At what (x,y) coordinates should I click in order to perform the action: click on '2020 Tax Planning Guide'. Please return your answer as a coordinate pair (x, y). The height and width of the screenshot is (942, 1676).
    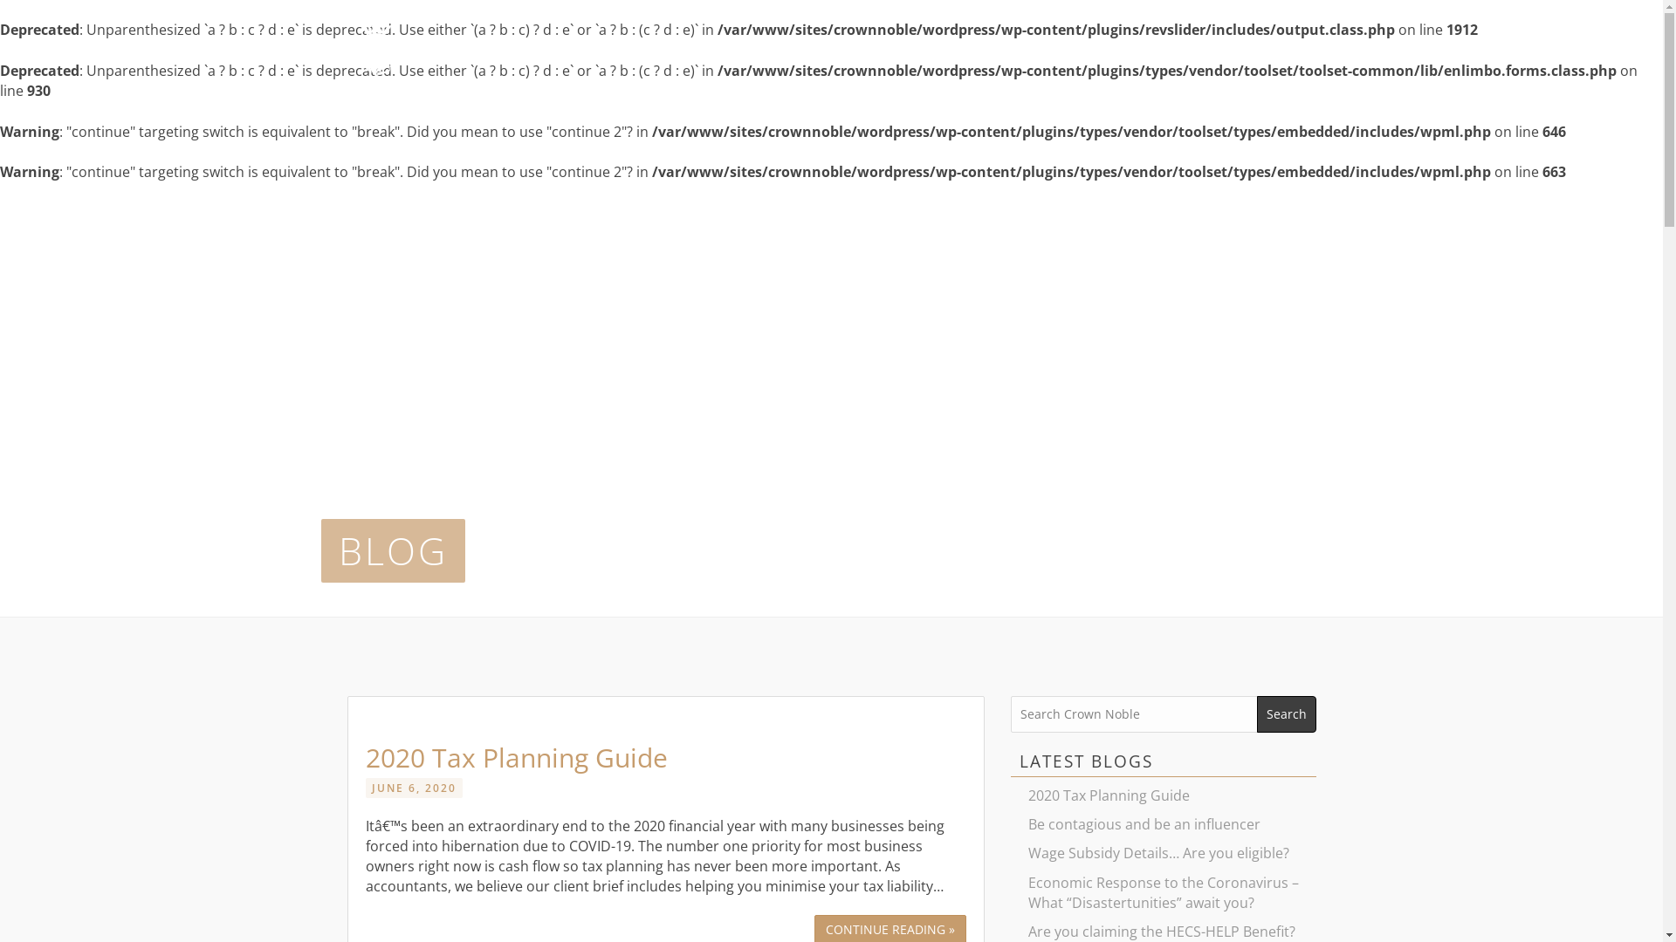
    Looking at the image, I should click on (514, 756).